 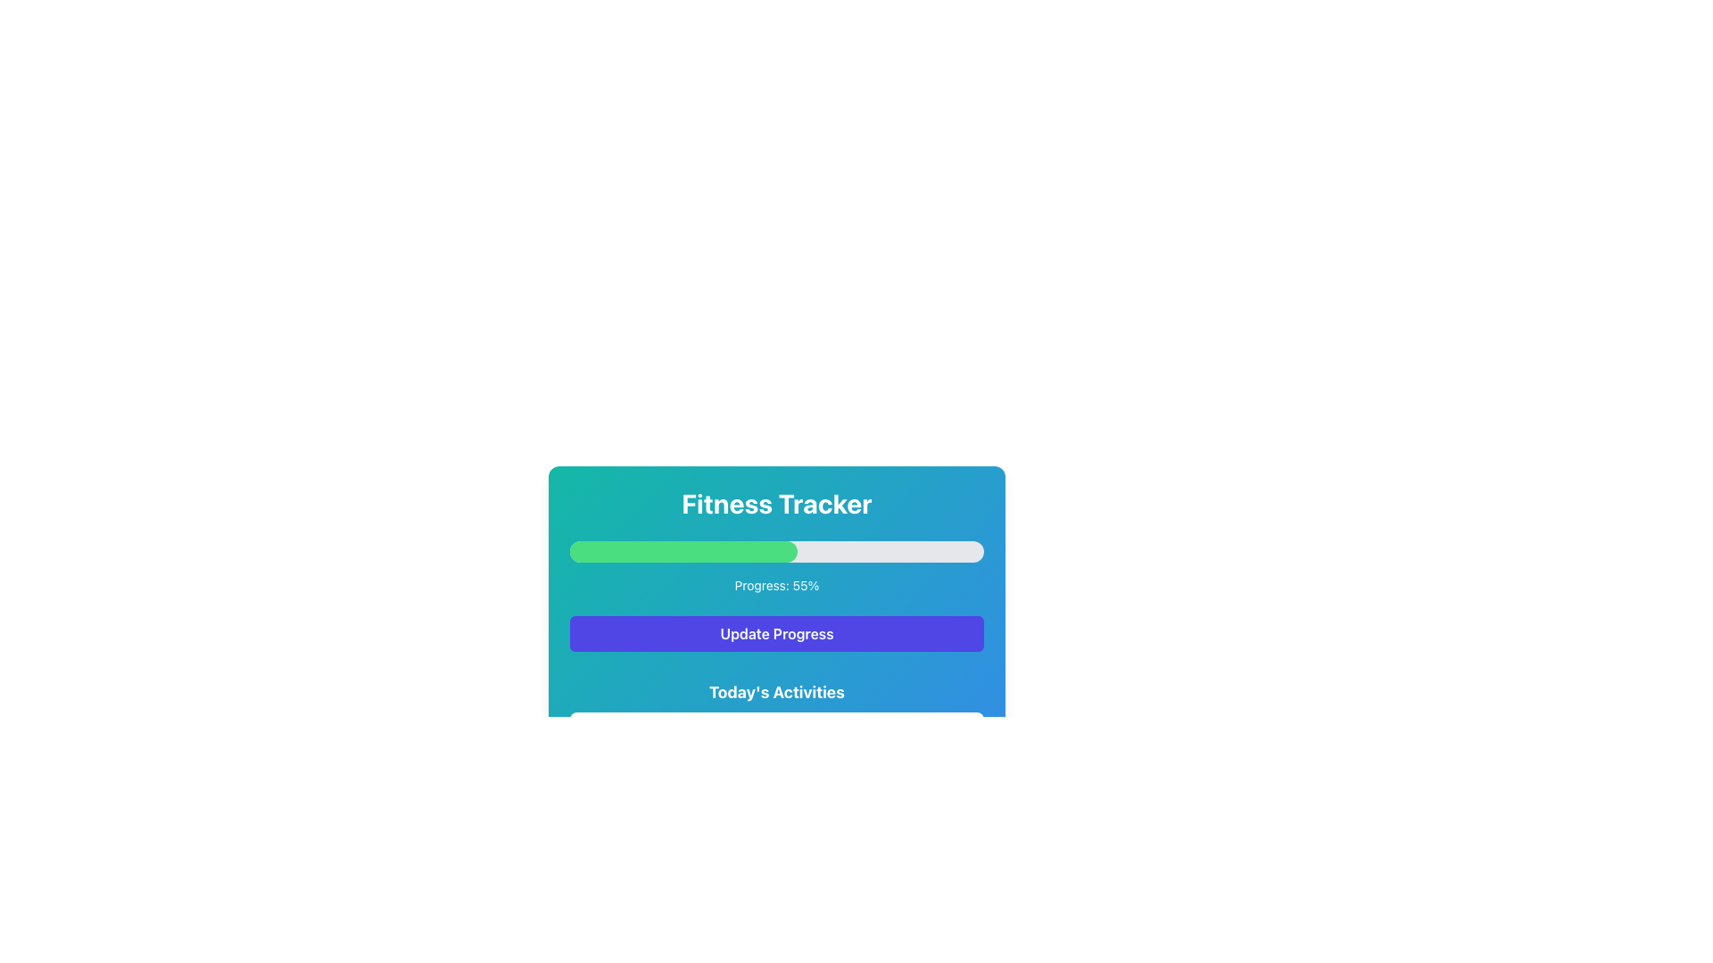 I want to click on the section header label that organizes the day's activities, which is positioned centrally above the list of activities, so click(x=776, y=691).